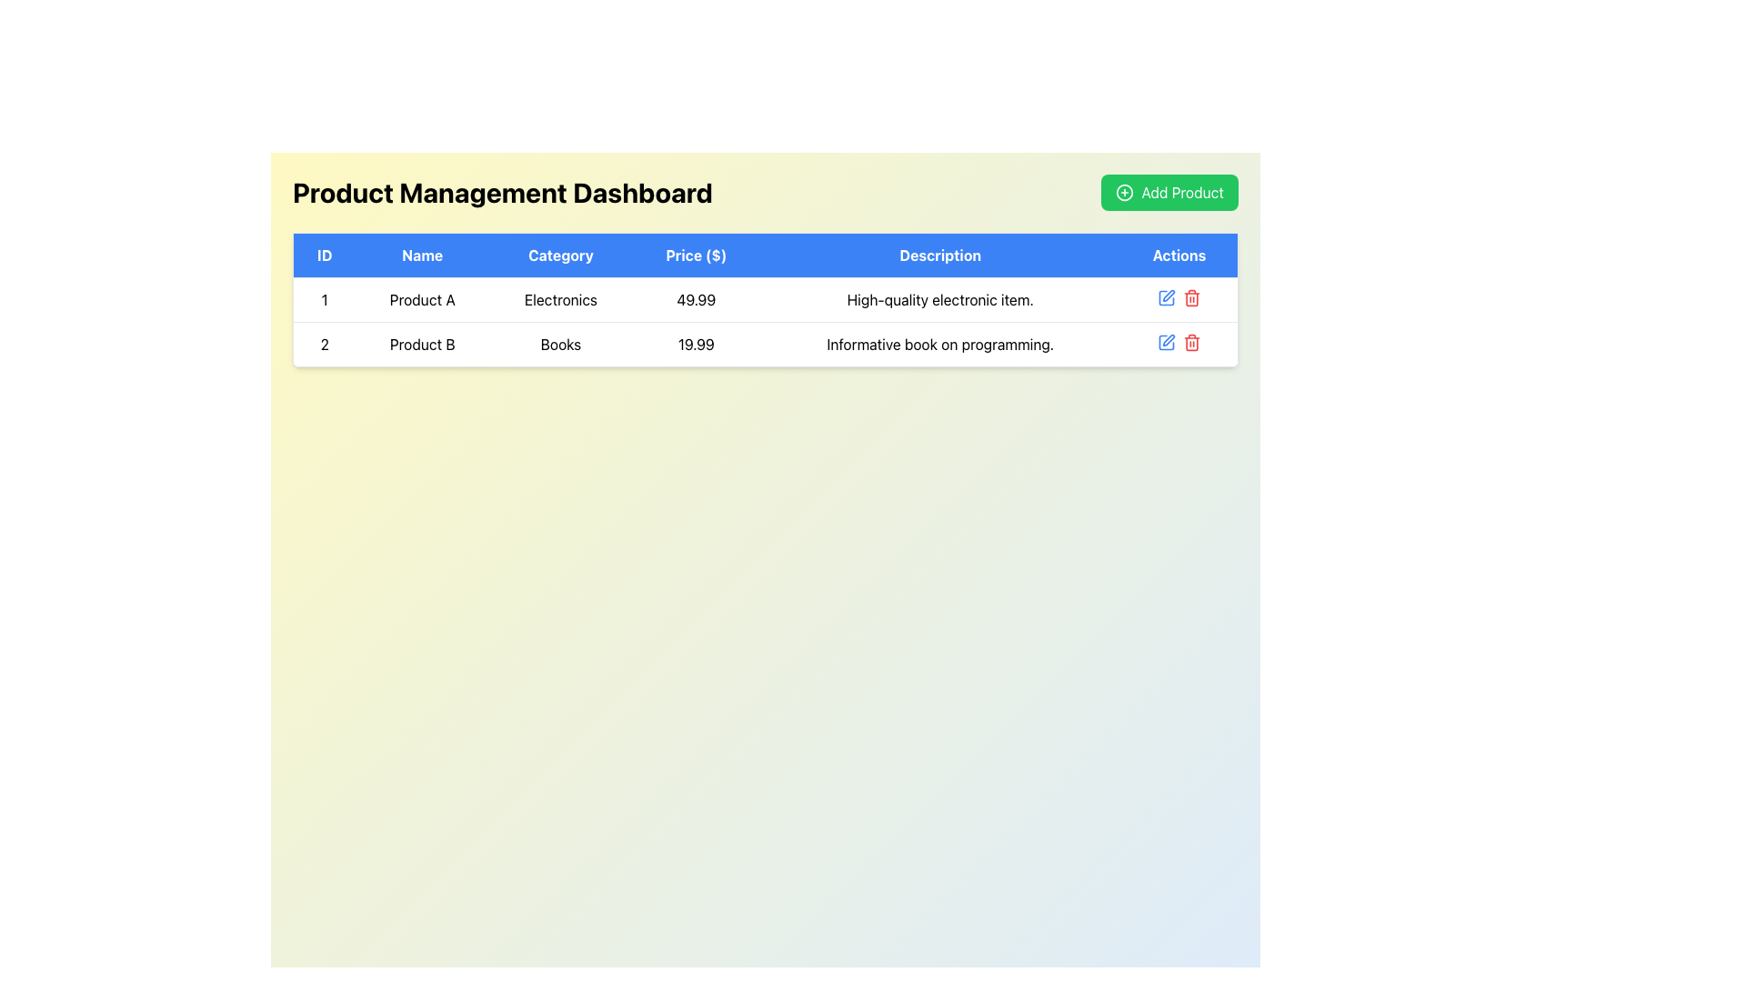  Describe the element at coordinates (421, 344) in the screenshot. I see `text label 'Product B' located in the second row, second column of the table under the 'Name' header` at that location.